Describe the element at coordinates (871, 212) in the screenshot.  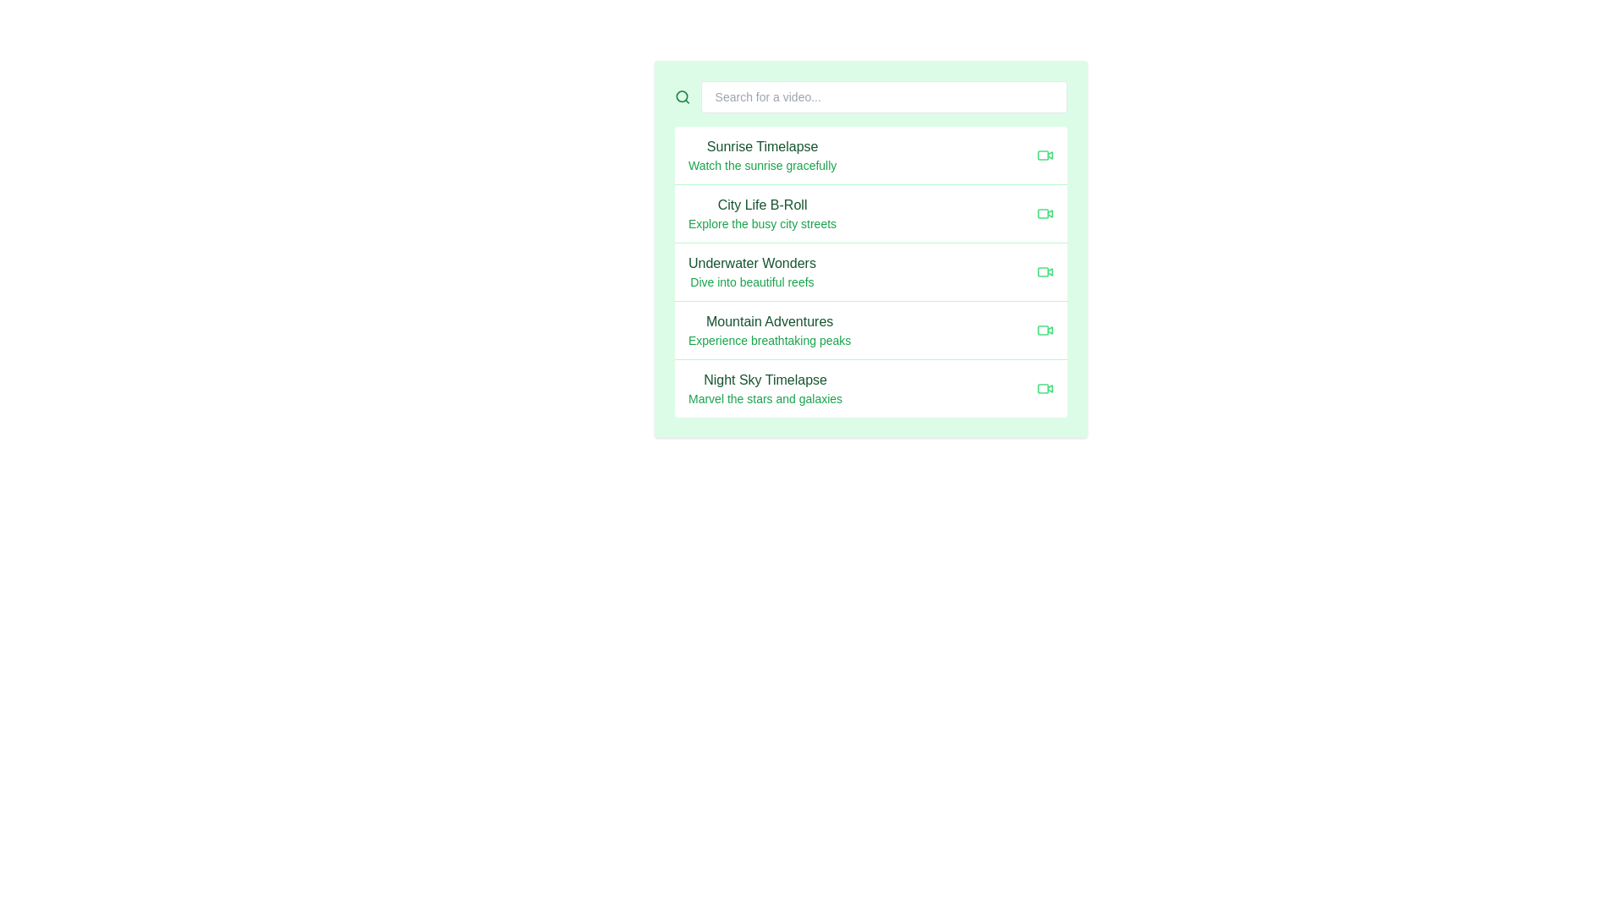
I see `the list item that contains a title and description for a video topic, positioned between 'Sunrise Timelapse' and 'Underwater Wonders'` at that location.